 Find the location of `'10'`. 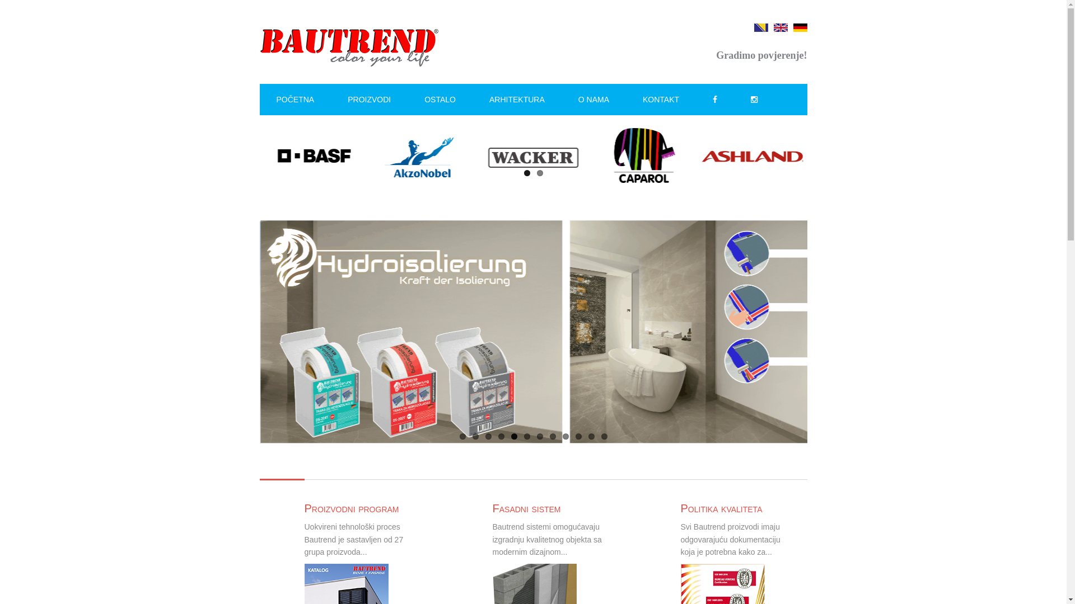

'10' is located at coordinates (578, 436).